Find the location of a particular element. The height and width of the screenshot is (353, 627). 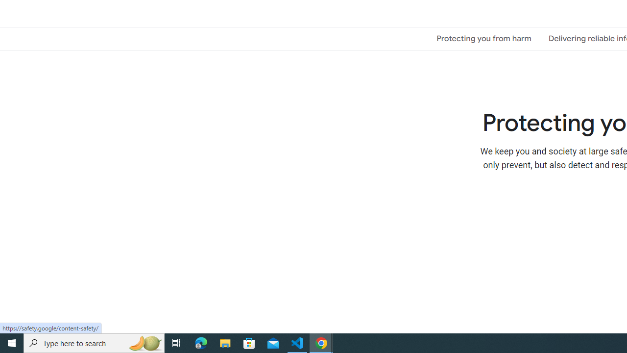

'Protecting you from harm' is located at coordinates (484, 38).